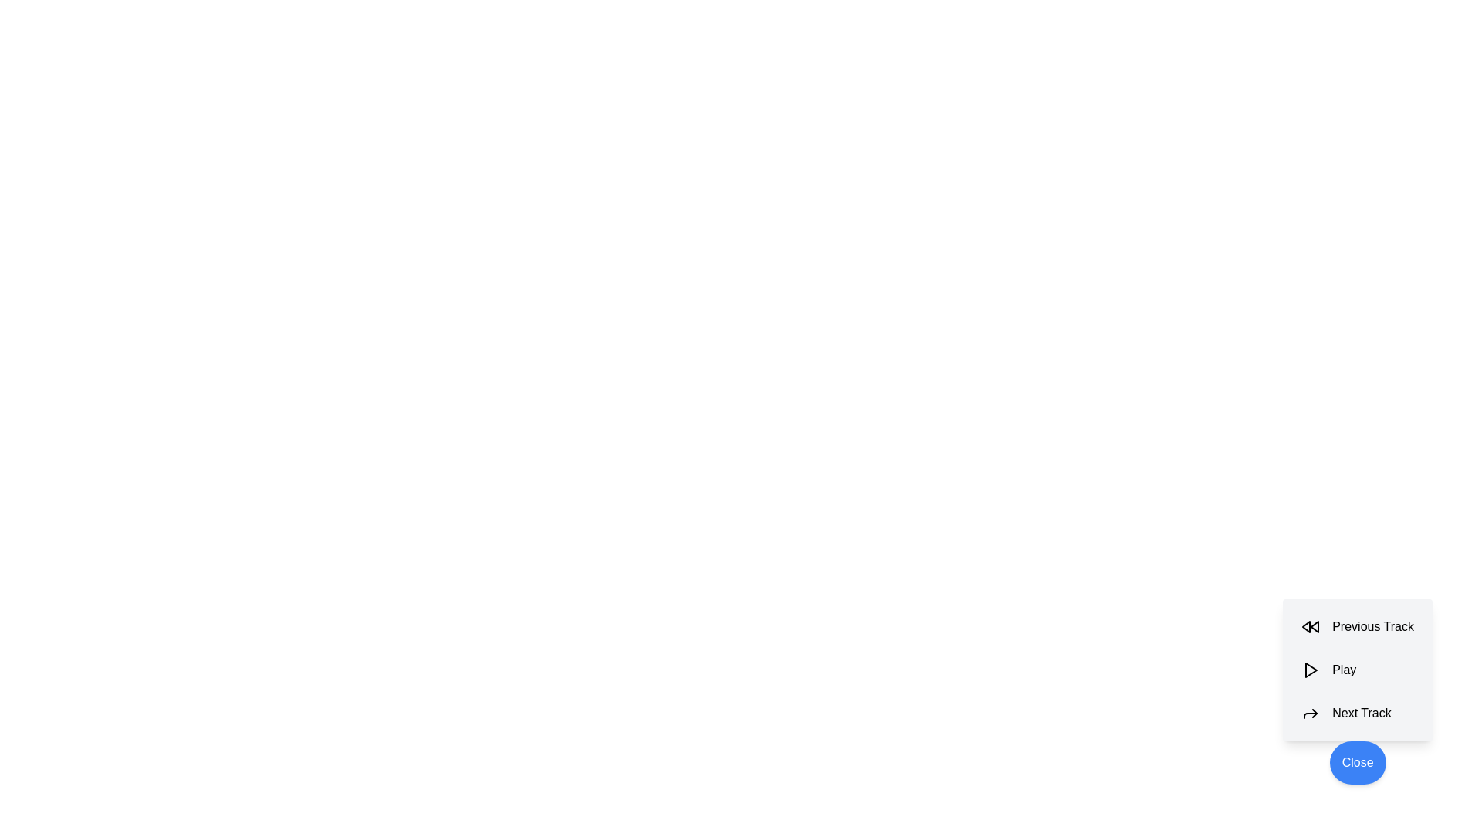  What do you see at coordinates (1357, 627) in the screenshot?
I see `the 'Previous Track' button, which features a double arrow icon pointing left` at bounding box center [1357, 627].